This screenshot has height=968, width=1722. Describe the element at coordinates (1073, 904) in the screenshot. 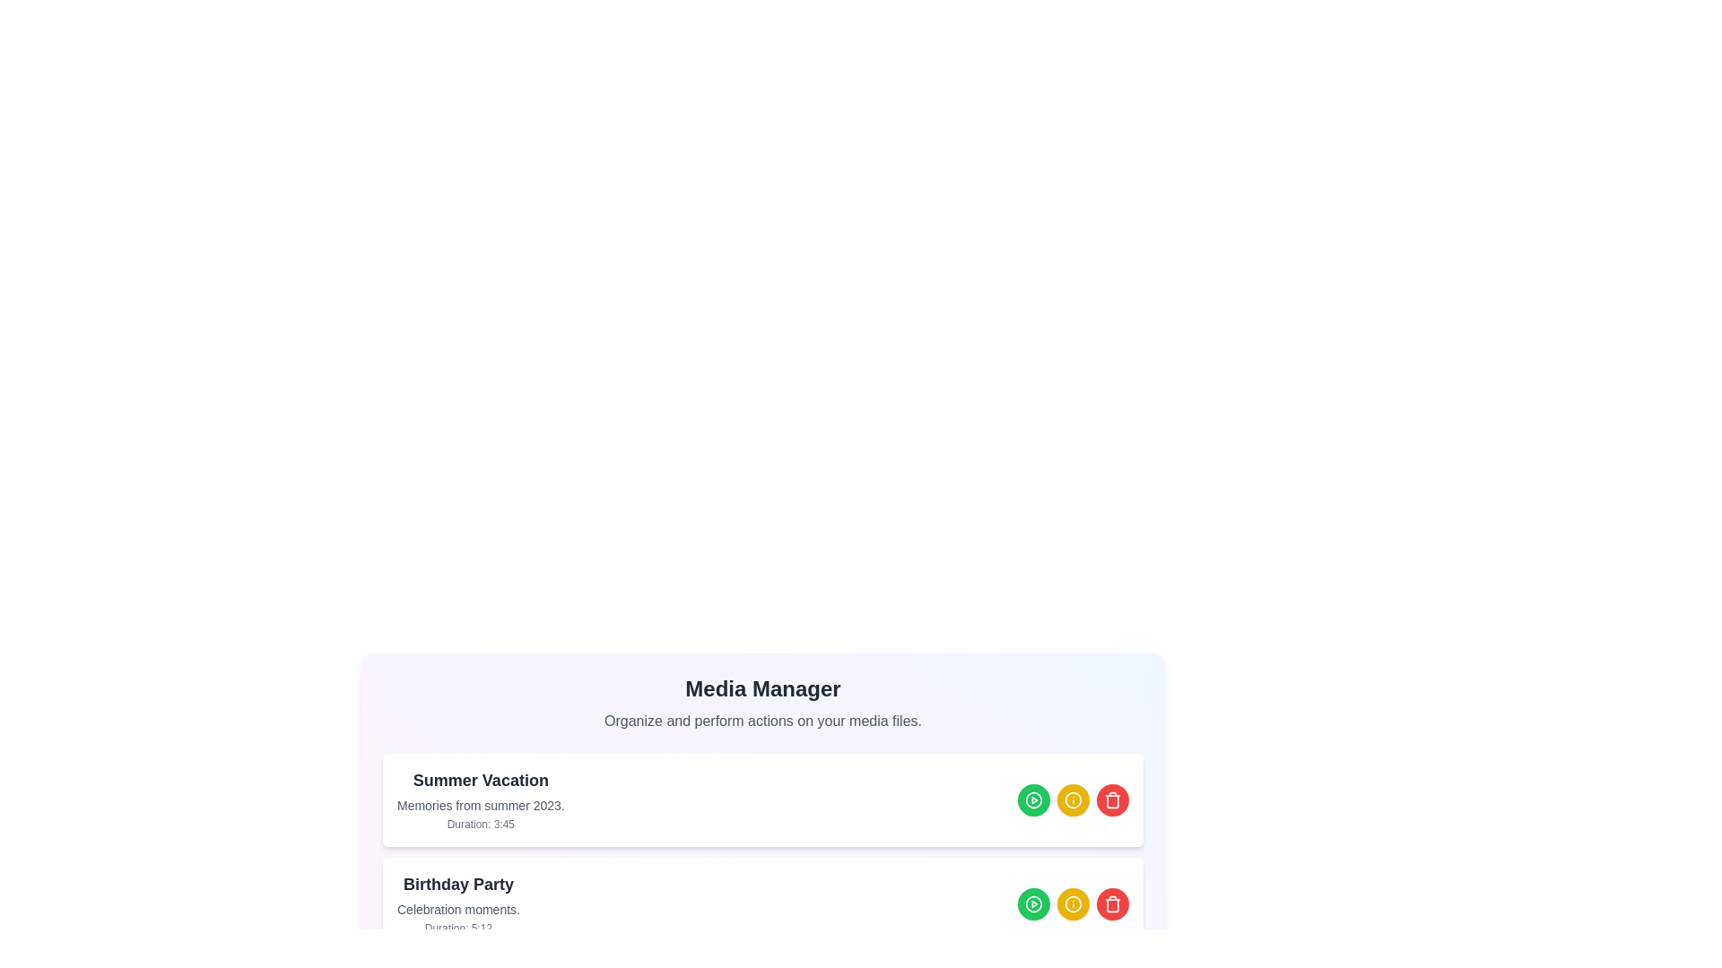

I see `the info button for the media item titled 'Birthday Party' to view its details` at that location.